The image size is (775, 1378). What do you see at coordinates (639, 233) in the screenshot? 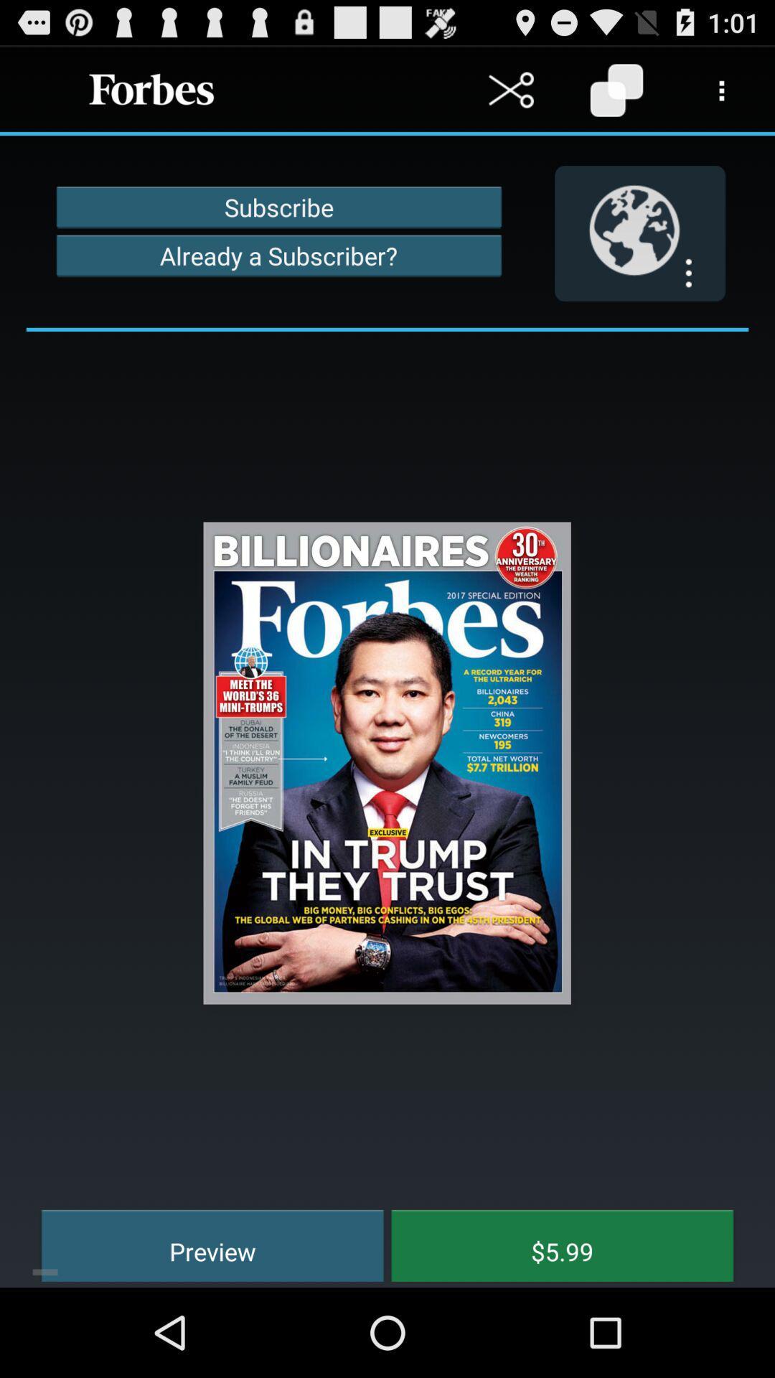
I see `the icon to the right of the subscribe` at bounding box center [639, 233].